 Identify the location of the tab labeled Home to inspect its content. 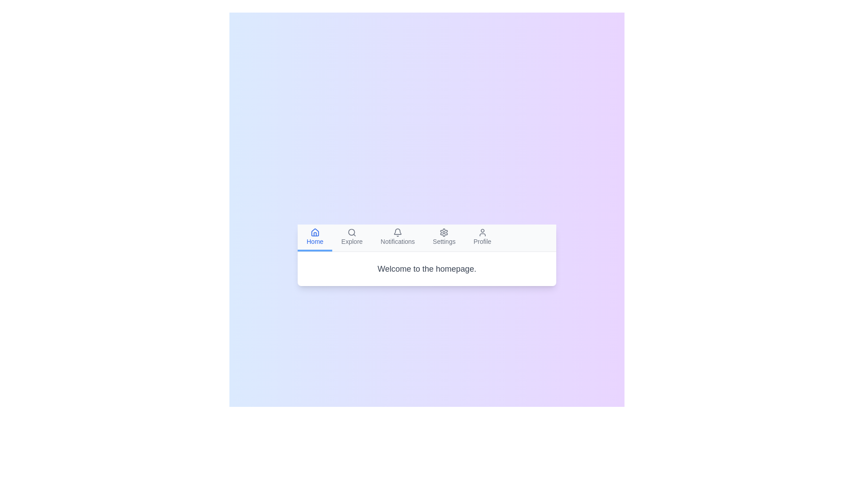
(314, 237).